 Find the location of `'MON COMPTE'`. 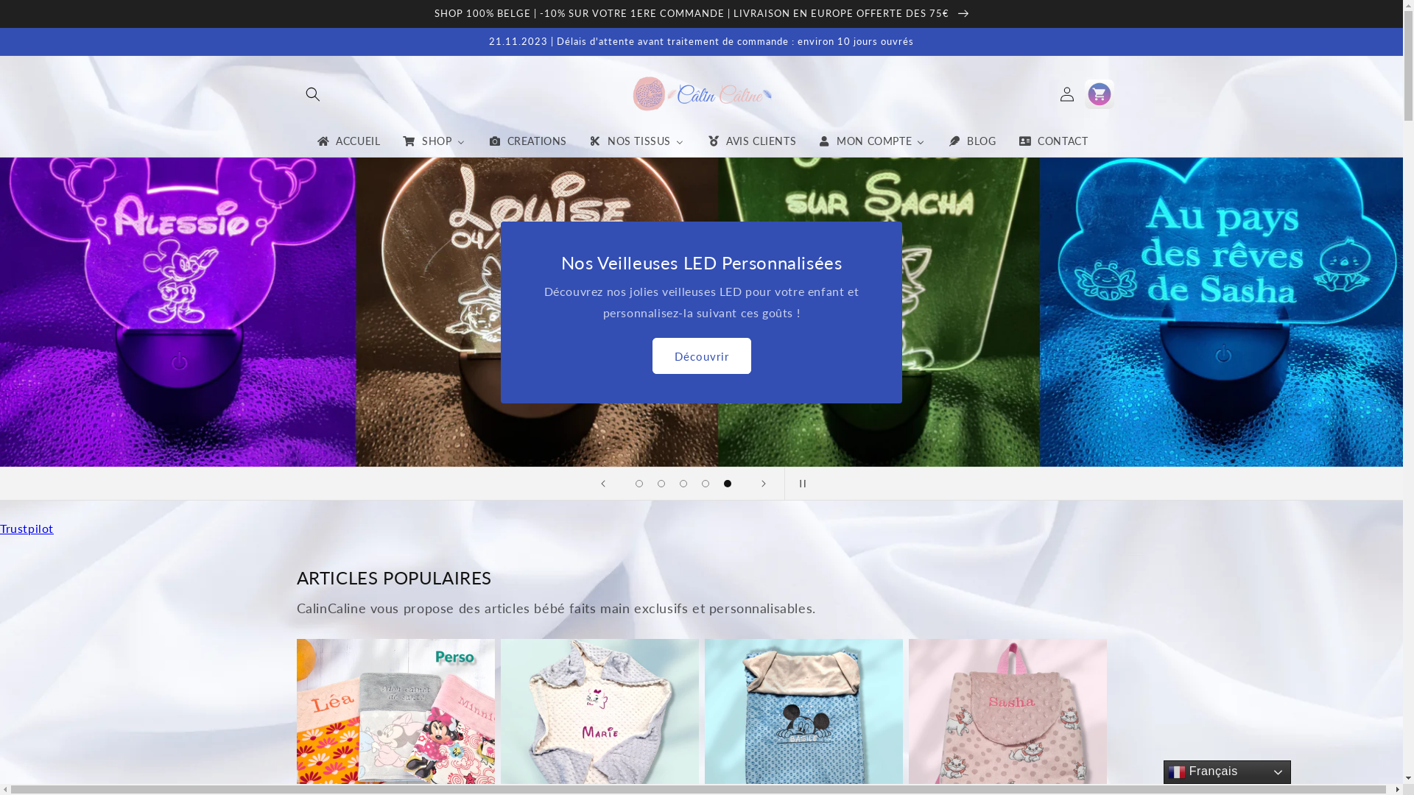

'MON COMPTE' is located at coordinates (871, 141).